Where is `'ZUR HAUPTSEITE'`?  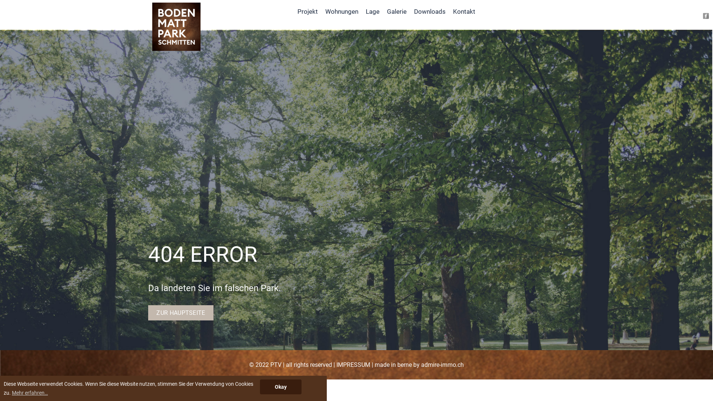
'ZUR HAUPTSEITE' is located at coordinates (180, 313).